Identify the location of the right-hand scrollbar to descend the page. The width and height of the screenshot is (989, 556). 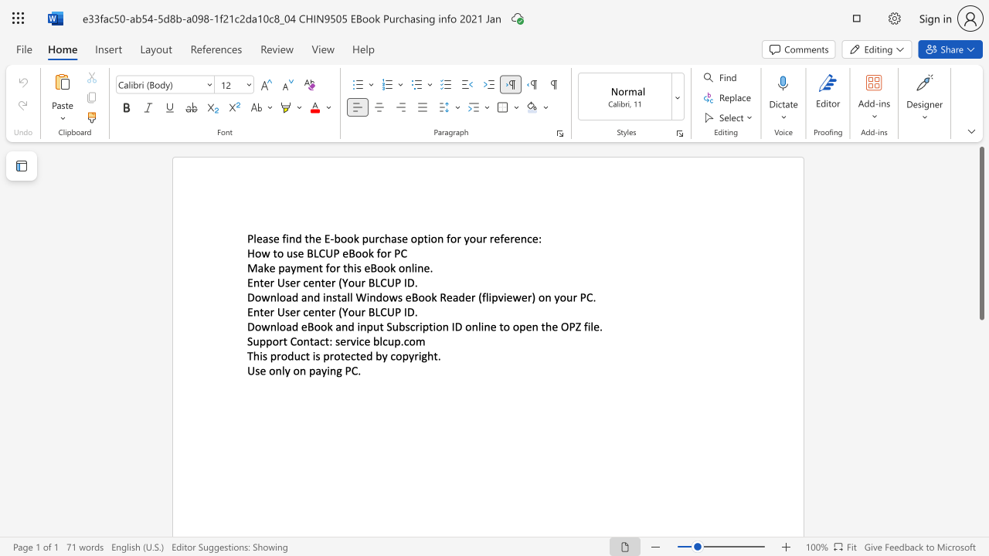
(981, 432).